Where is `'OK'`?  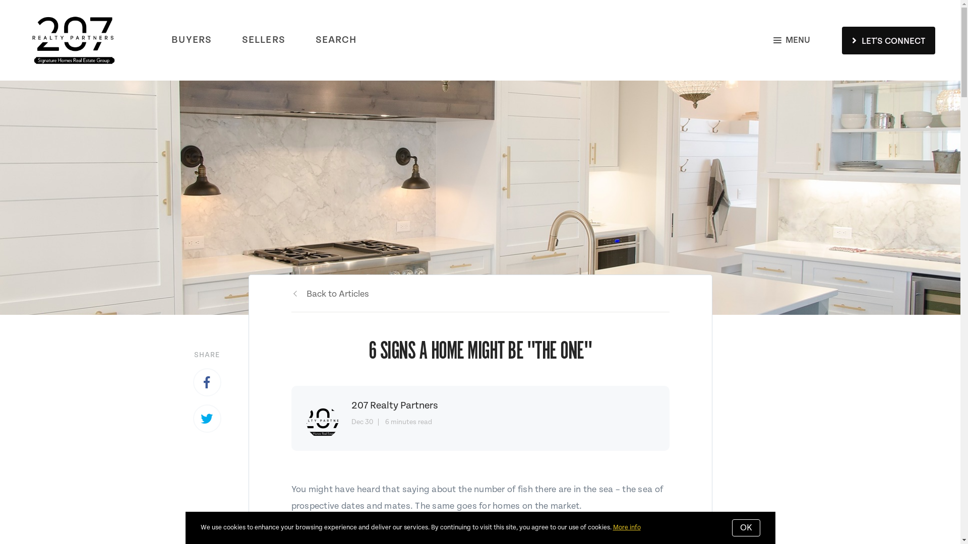 'OK' is located at coordinates (746, 527).